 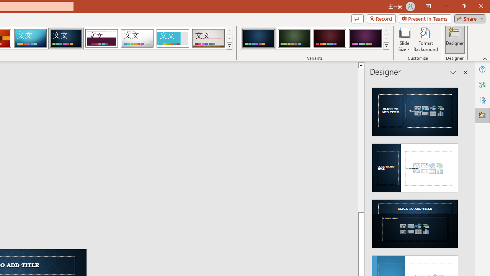 What do you see at coordinates (66, 38) in the screenshot?
I see `'Damask'` at bounding box center [66, 38].